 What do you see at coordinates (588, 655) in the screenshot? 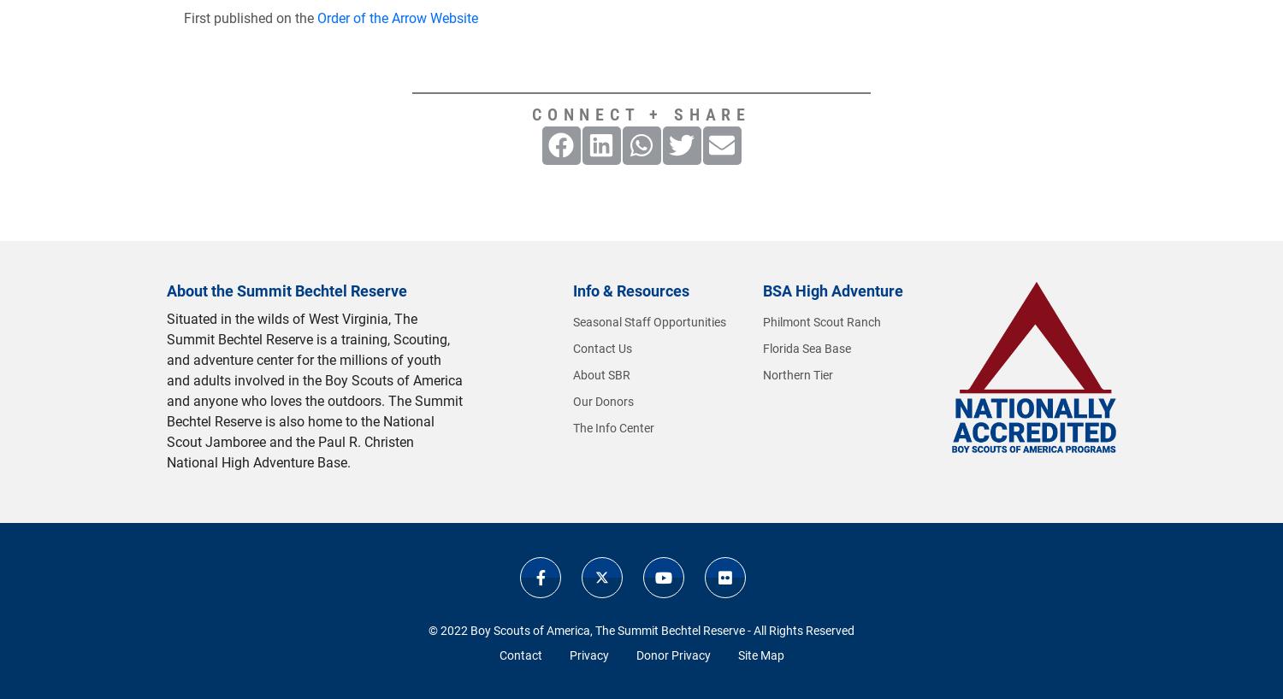
I see `'Privacy'` at bounding box center [588, 655].